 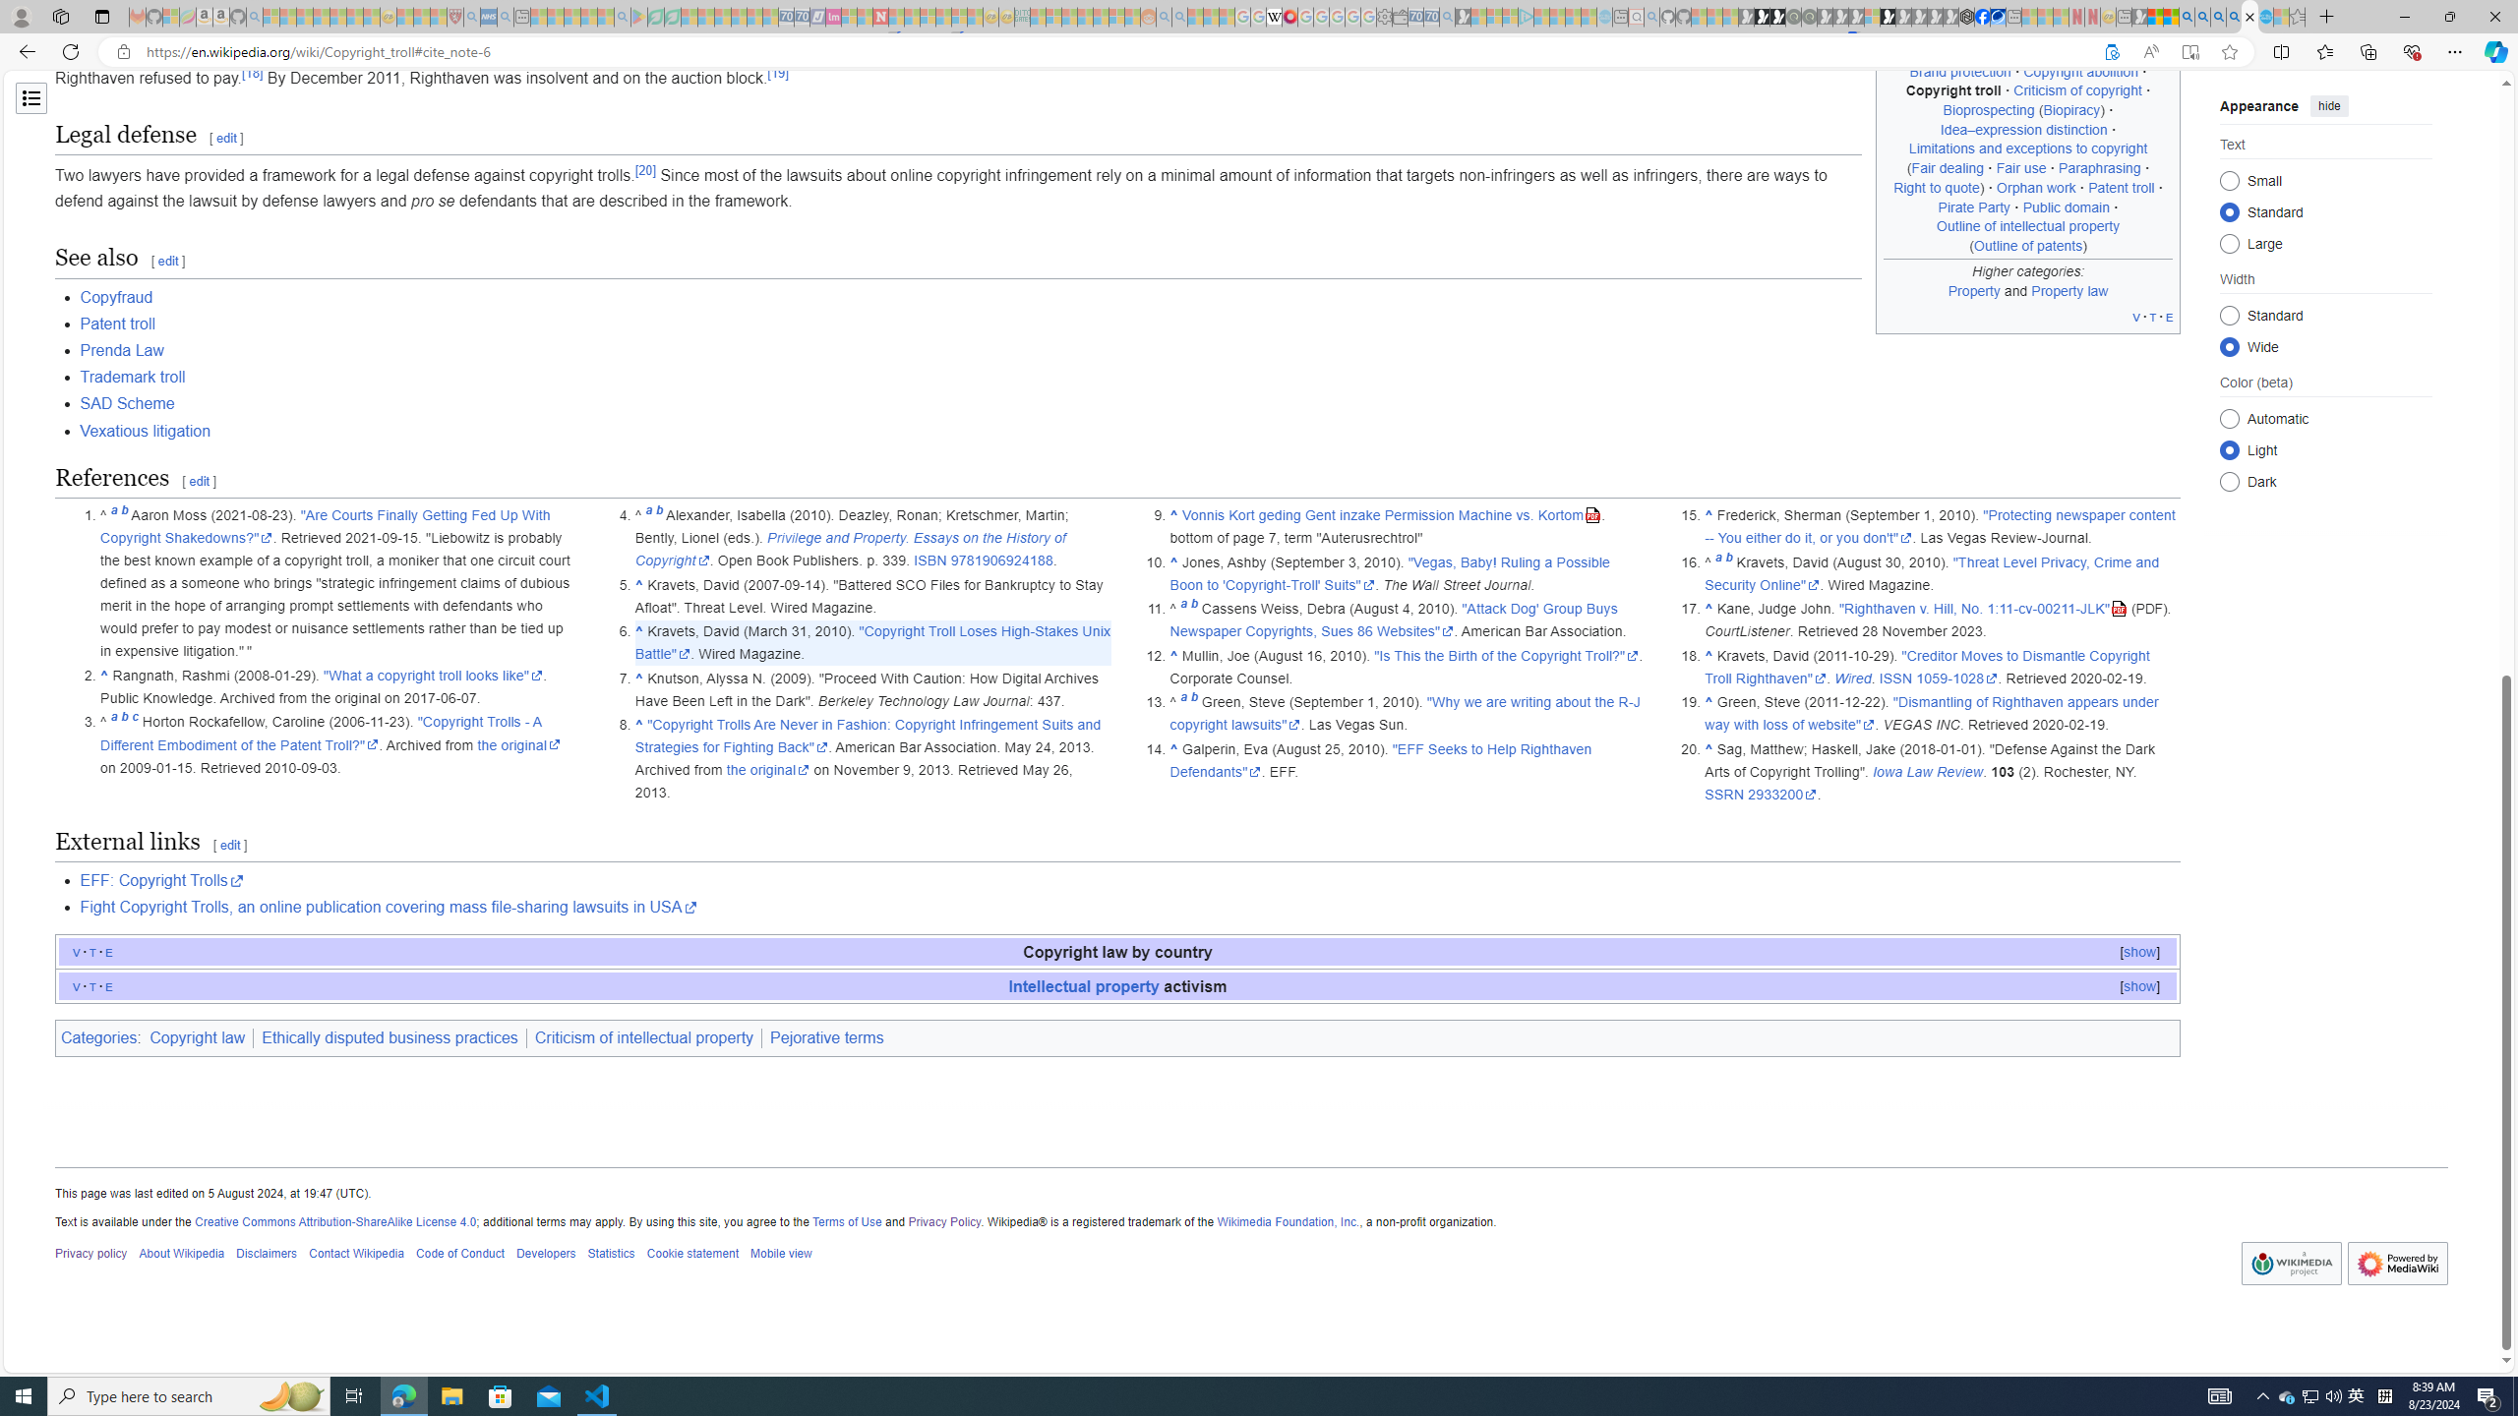 What do you see at coordinates (2137, 16) in the screenshot?
I see `'MSN - Sleeping'` at bounding box center [2137, 16].